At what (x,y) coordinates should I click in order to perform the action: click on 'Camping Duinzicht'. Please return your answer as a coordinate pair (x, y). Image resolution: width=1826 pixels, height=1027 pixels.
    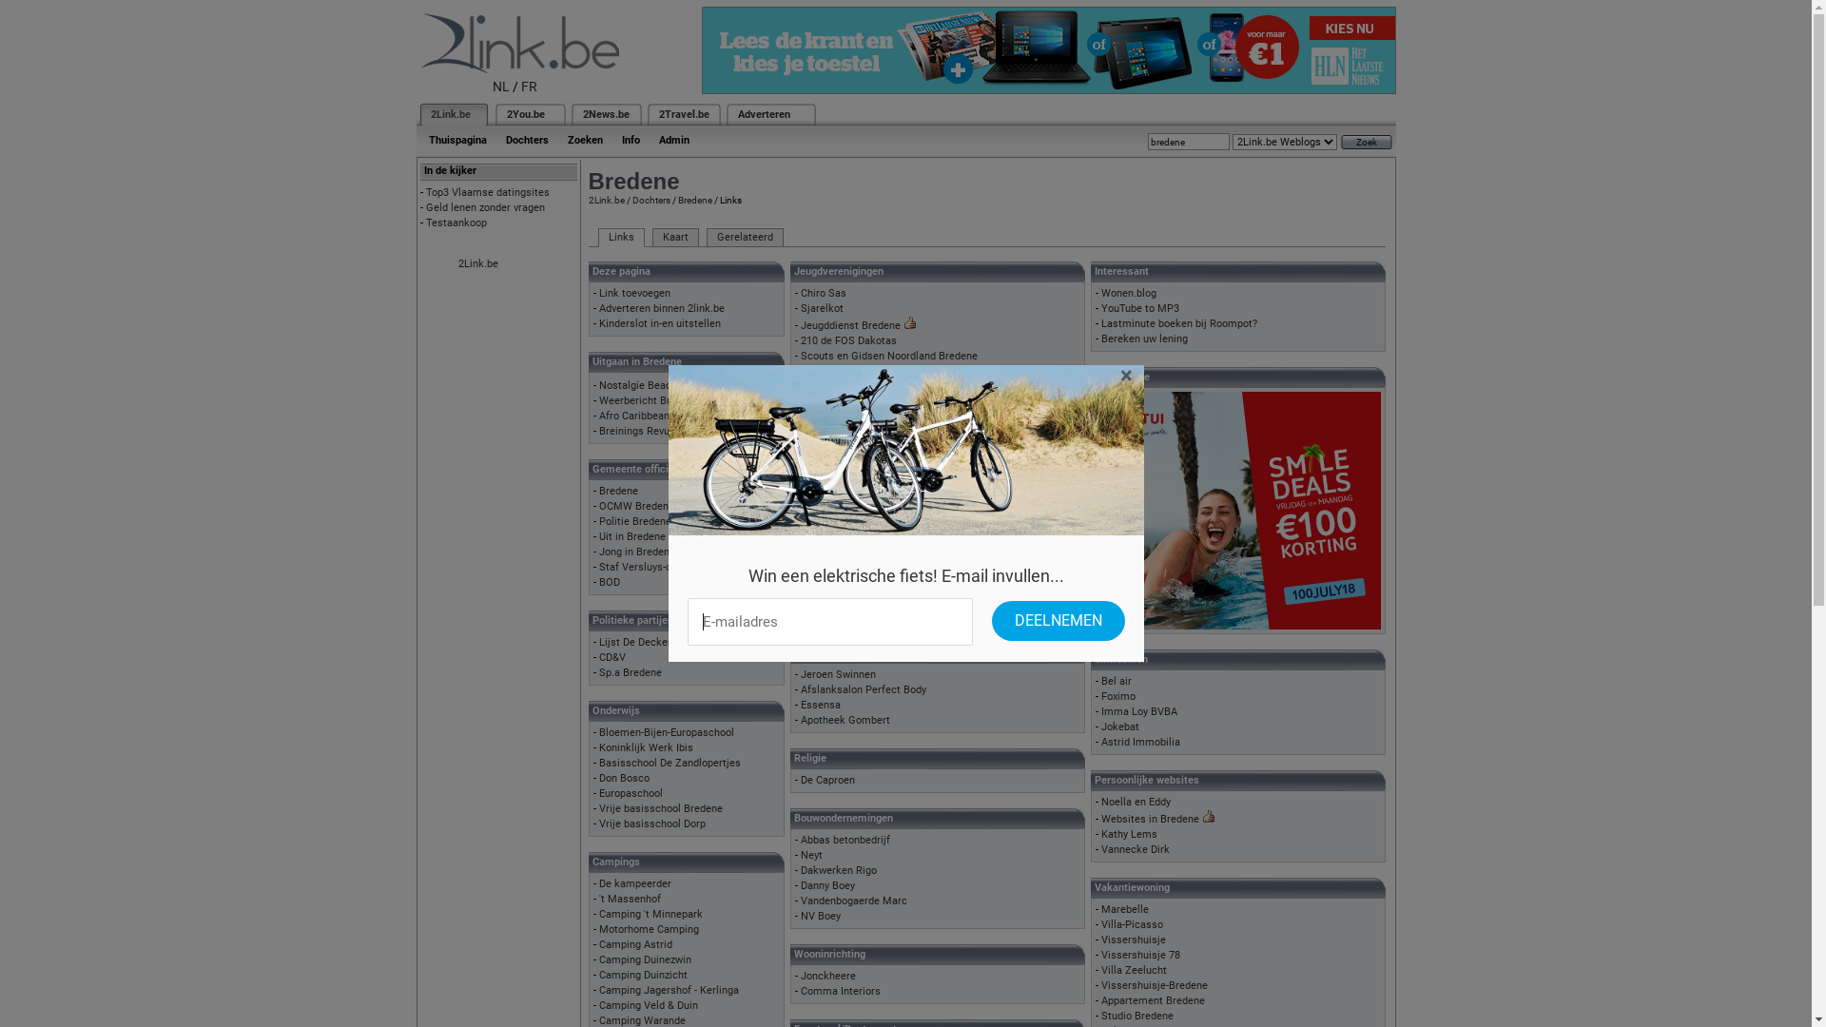
    Looking at the image, I should click on (597, 975).